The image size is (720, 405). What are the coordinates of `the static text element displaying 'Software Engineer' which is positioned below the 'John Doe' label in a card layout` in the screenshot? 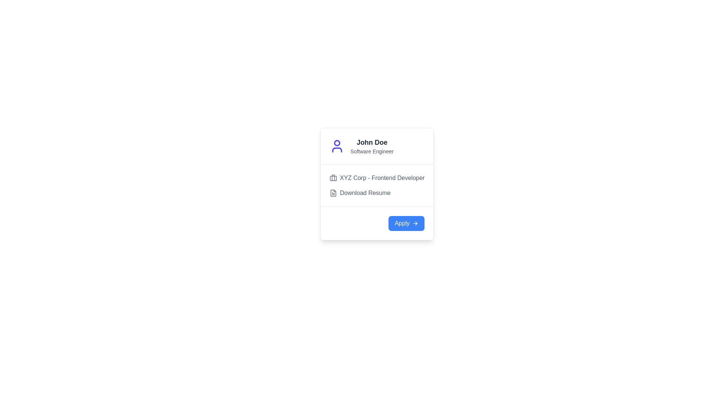 It's located at (372, 151).